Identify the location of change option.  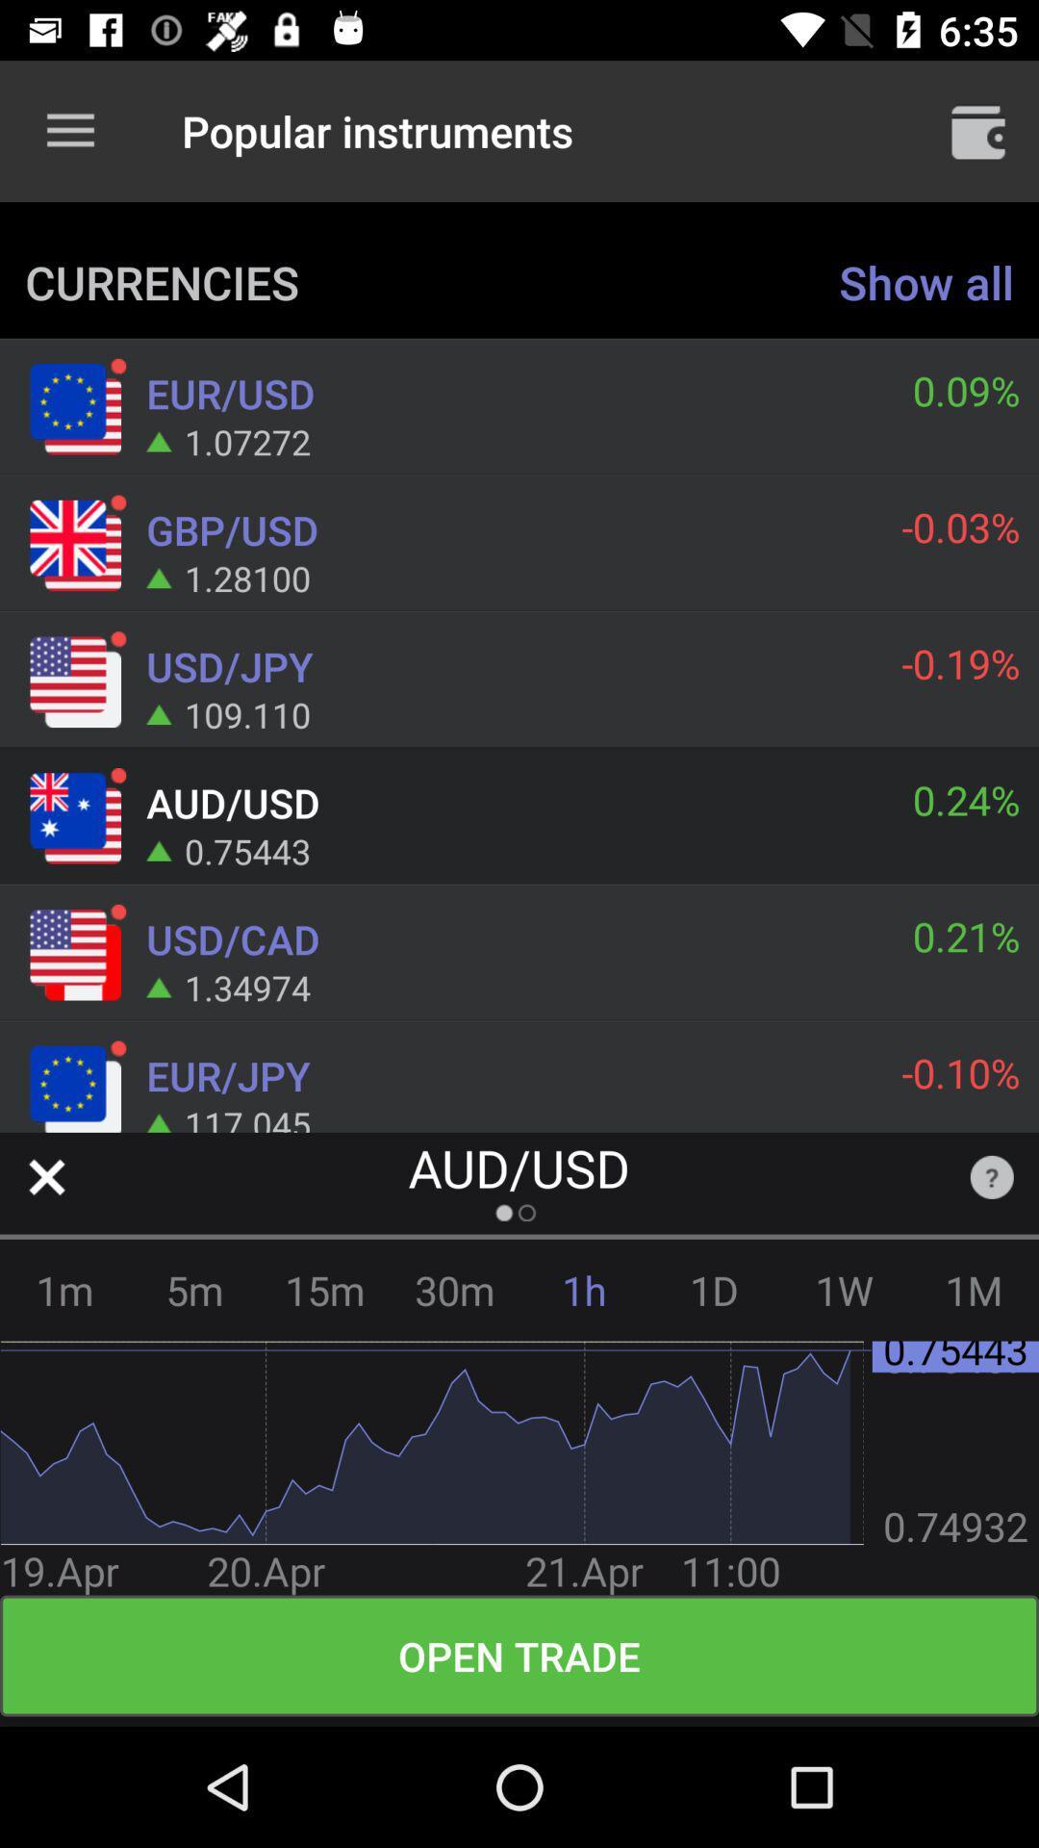
(45, 1176).